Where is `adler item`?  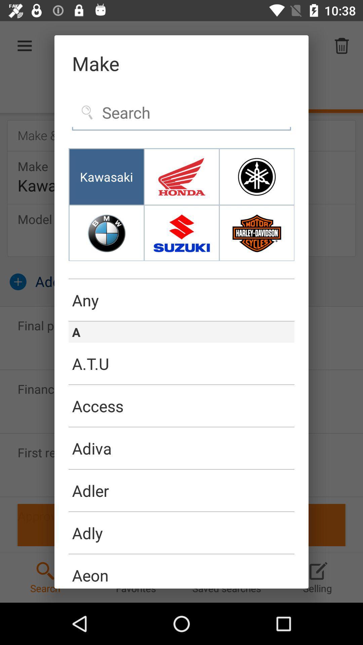 adler item is located at coordinates (182, 490).